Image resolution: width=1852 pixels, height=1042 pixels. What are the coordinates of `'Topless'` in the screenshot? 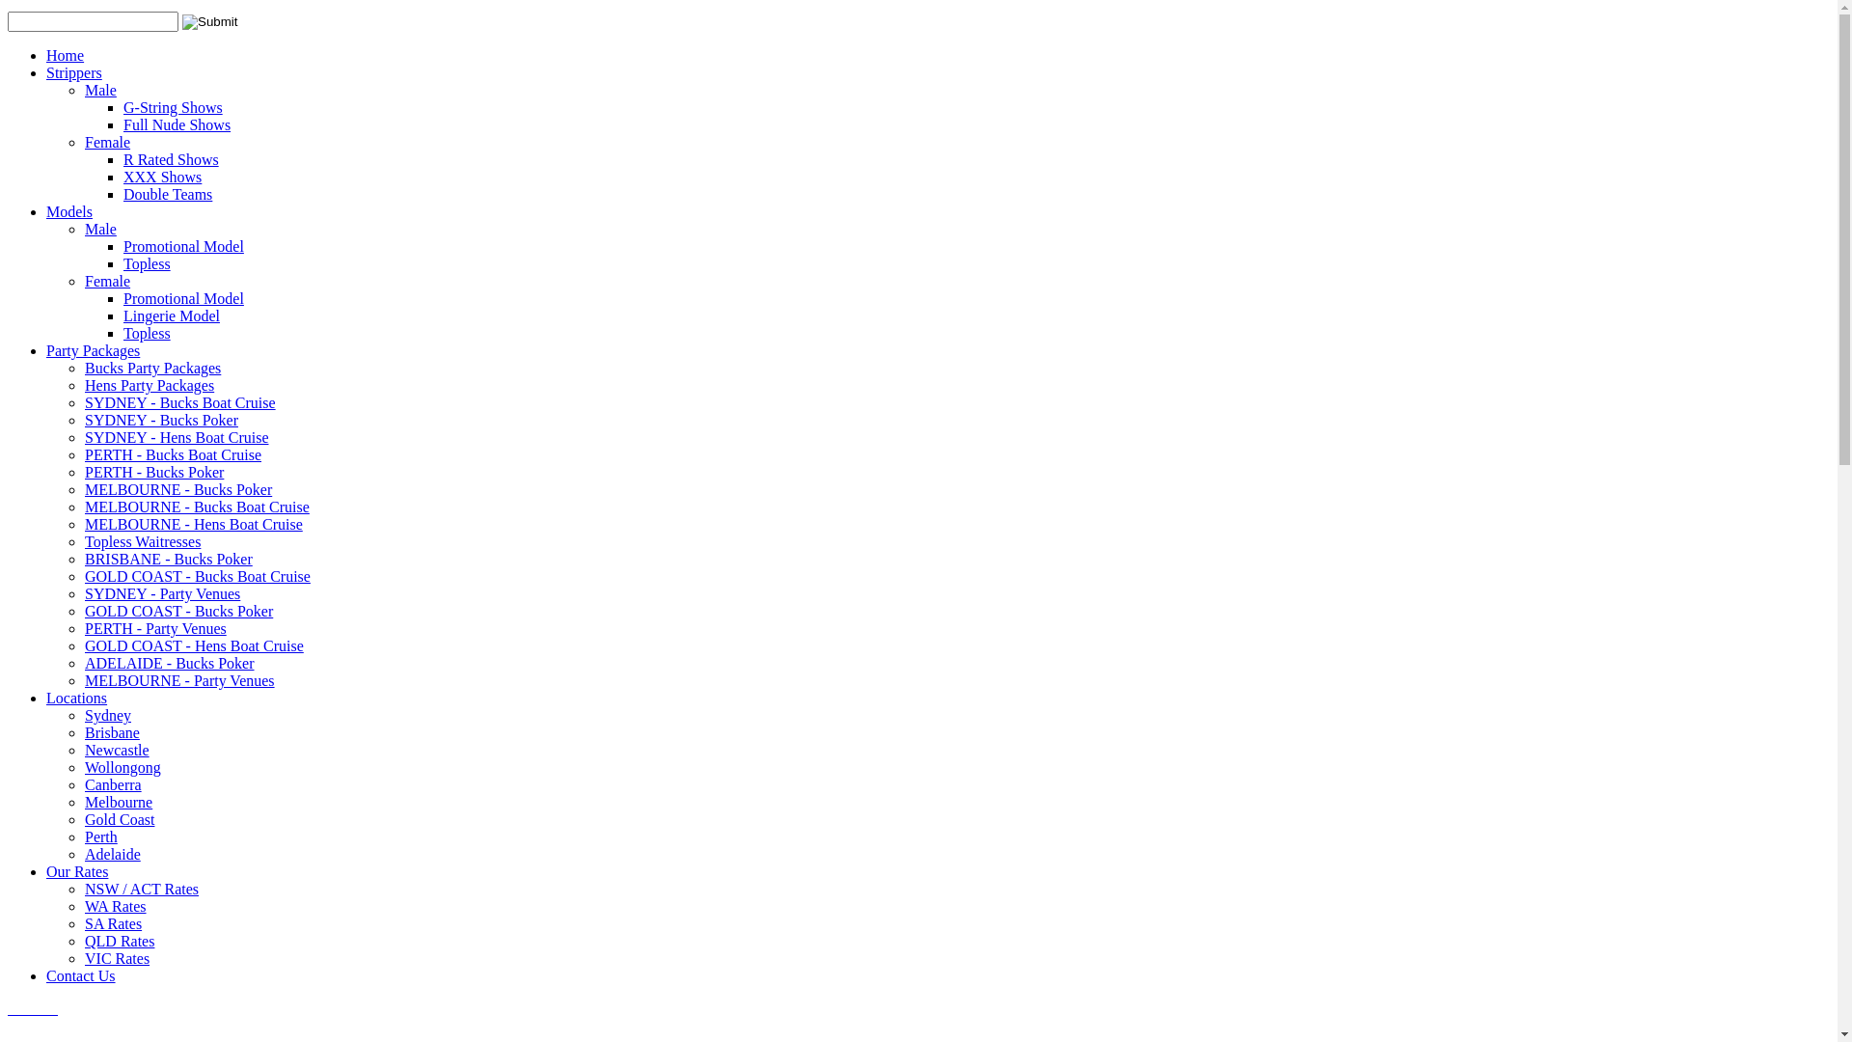 It's located at (146, 263).